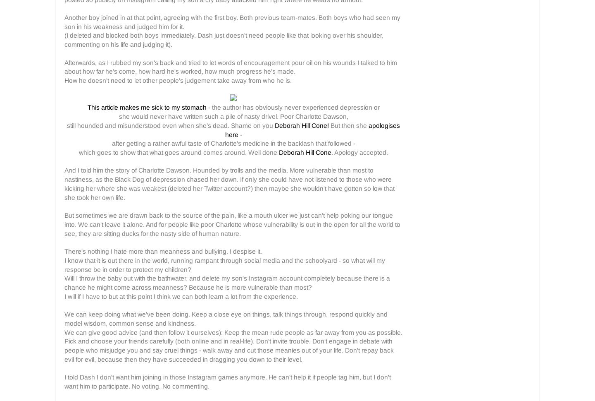 This screenshot has height=401, width=595. What do you see at coordinates (233, 116) in the screenshot?
I see `'she would never have written such a pile of nasty drivel. Poor Charlotte Dawson,'` at bounding box center [233, 116].